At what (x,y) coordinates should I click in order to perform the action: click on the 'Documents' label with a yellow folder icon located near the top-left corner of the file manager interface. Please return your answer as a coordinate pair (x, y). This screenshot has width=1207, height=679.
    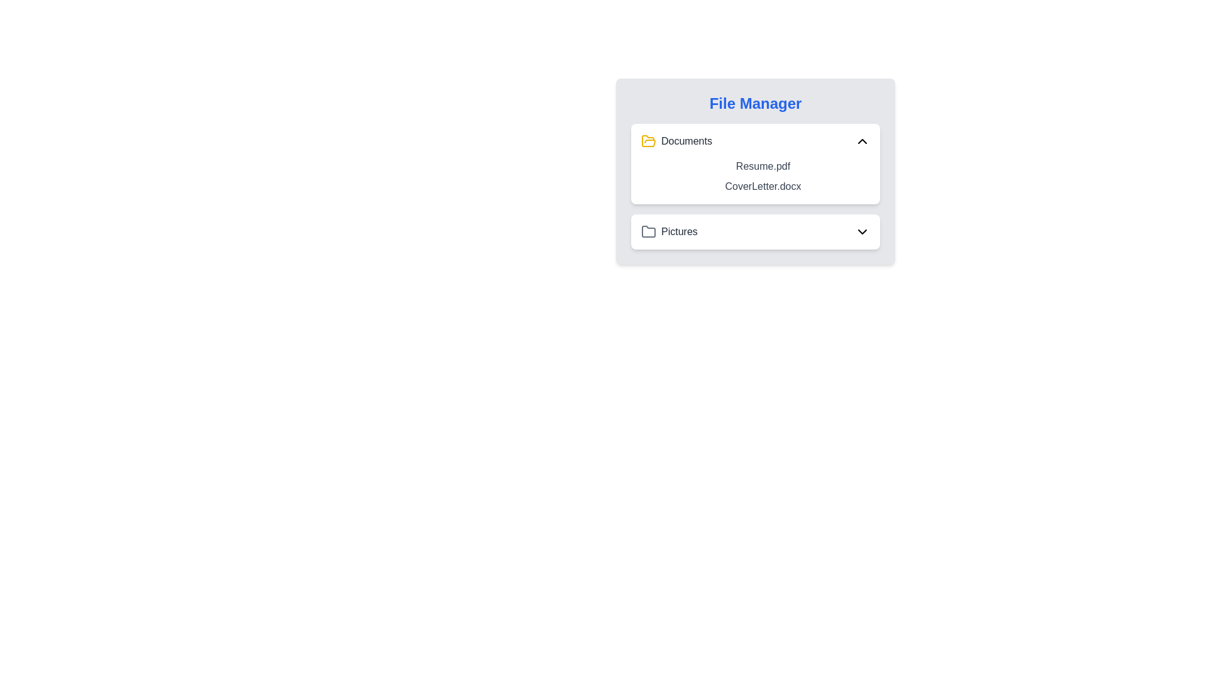
    Looking at the image, I should click on (676, 141).